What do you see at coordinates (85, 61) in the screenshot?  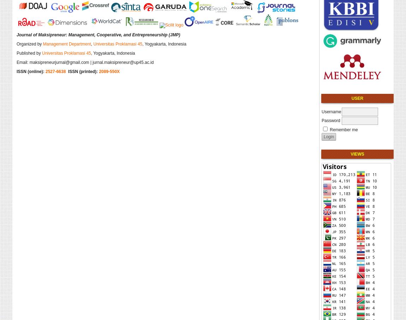 I see `'Email: maksipreneurjurnal@gmail.com | jurnal.maksipreneur@up45.ac.id'` at bounding box center [85, 61].